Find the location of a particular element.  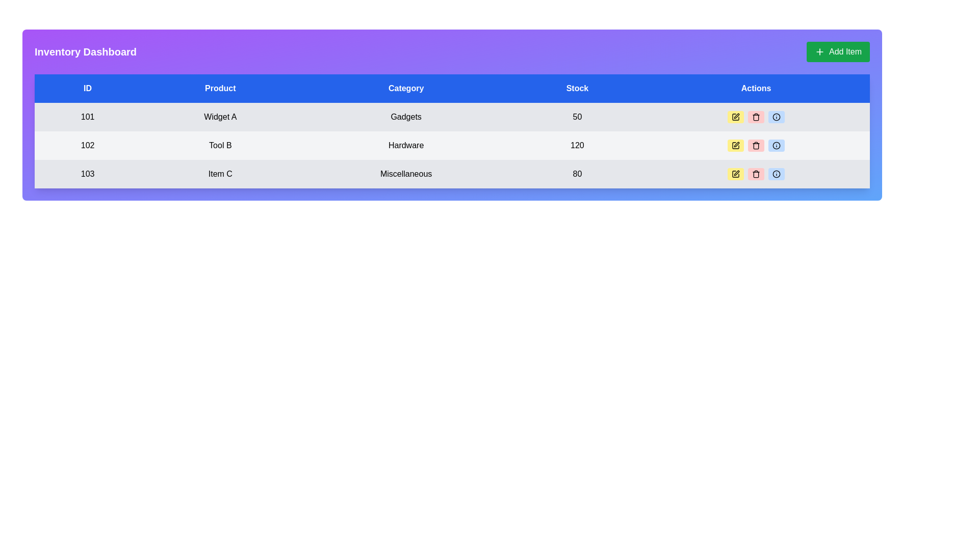

the first row of the table containing the values '101', 'Widget A', 'Gadgets', and '50' is located at coordinates (452, 117).